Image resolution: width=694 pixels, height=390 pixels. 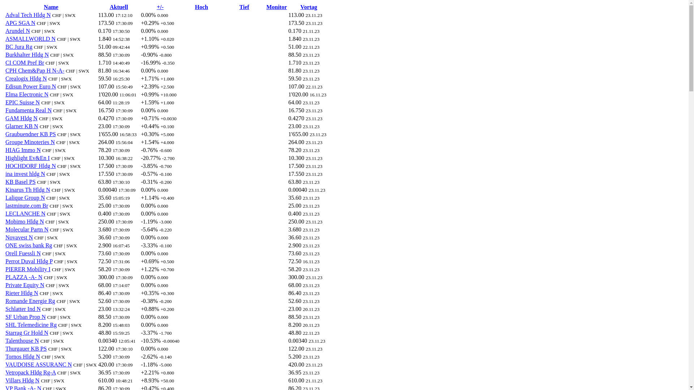 I want to click on 'Vortag', so click(x=309, y=7).